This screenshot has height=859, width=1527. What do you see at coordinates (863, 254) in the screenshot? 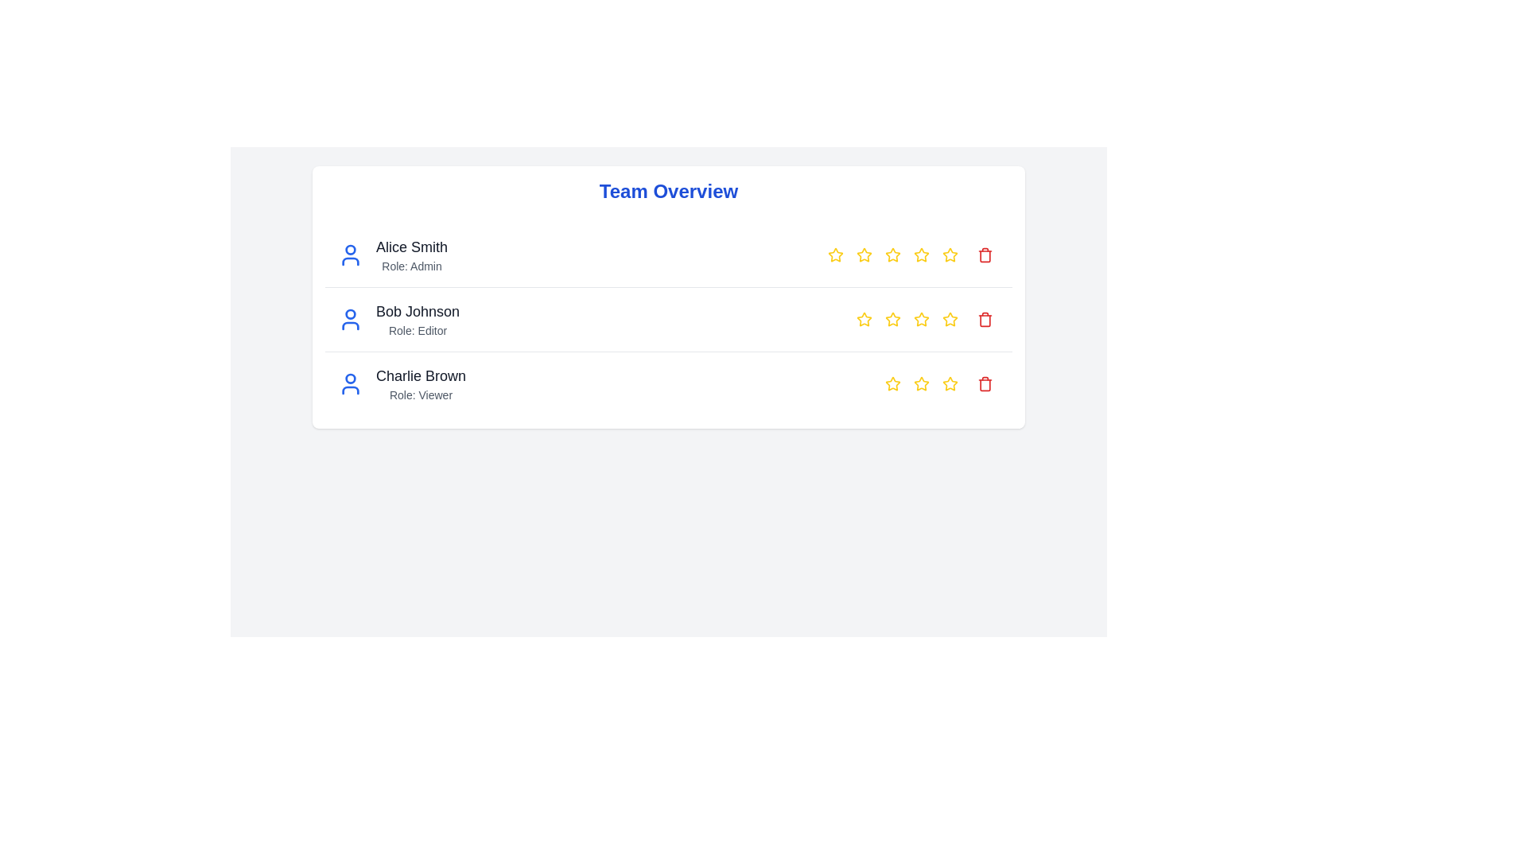
I see `on the second star icon in the 'Team Overview' section` at bounding box center [863, 254].